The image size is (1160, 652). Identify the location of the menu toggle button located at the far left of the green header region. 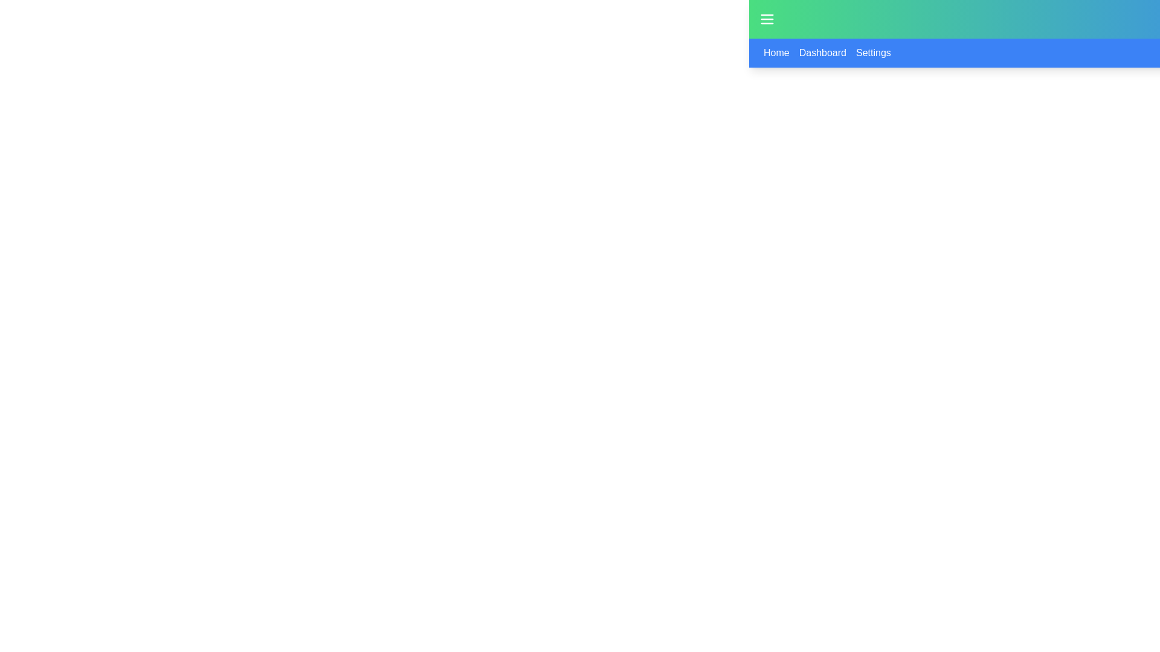
(767, 19).